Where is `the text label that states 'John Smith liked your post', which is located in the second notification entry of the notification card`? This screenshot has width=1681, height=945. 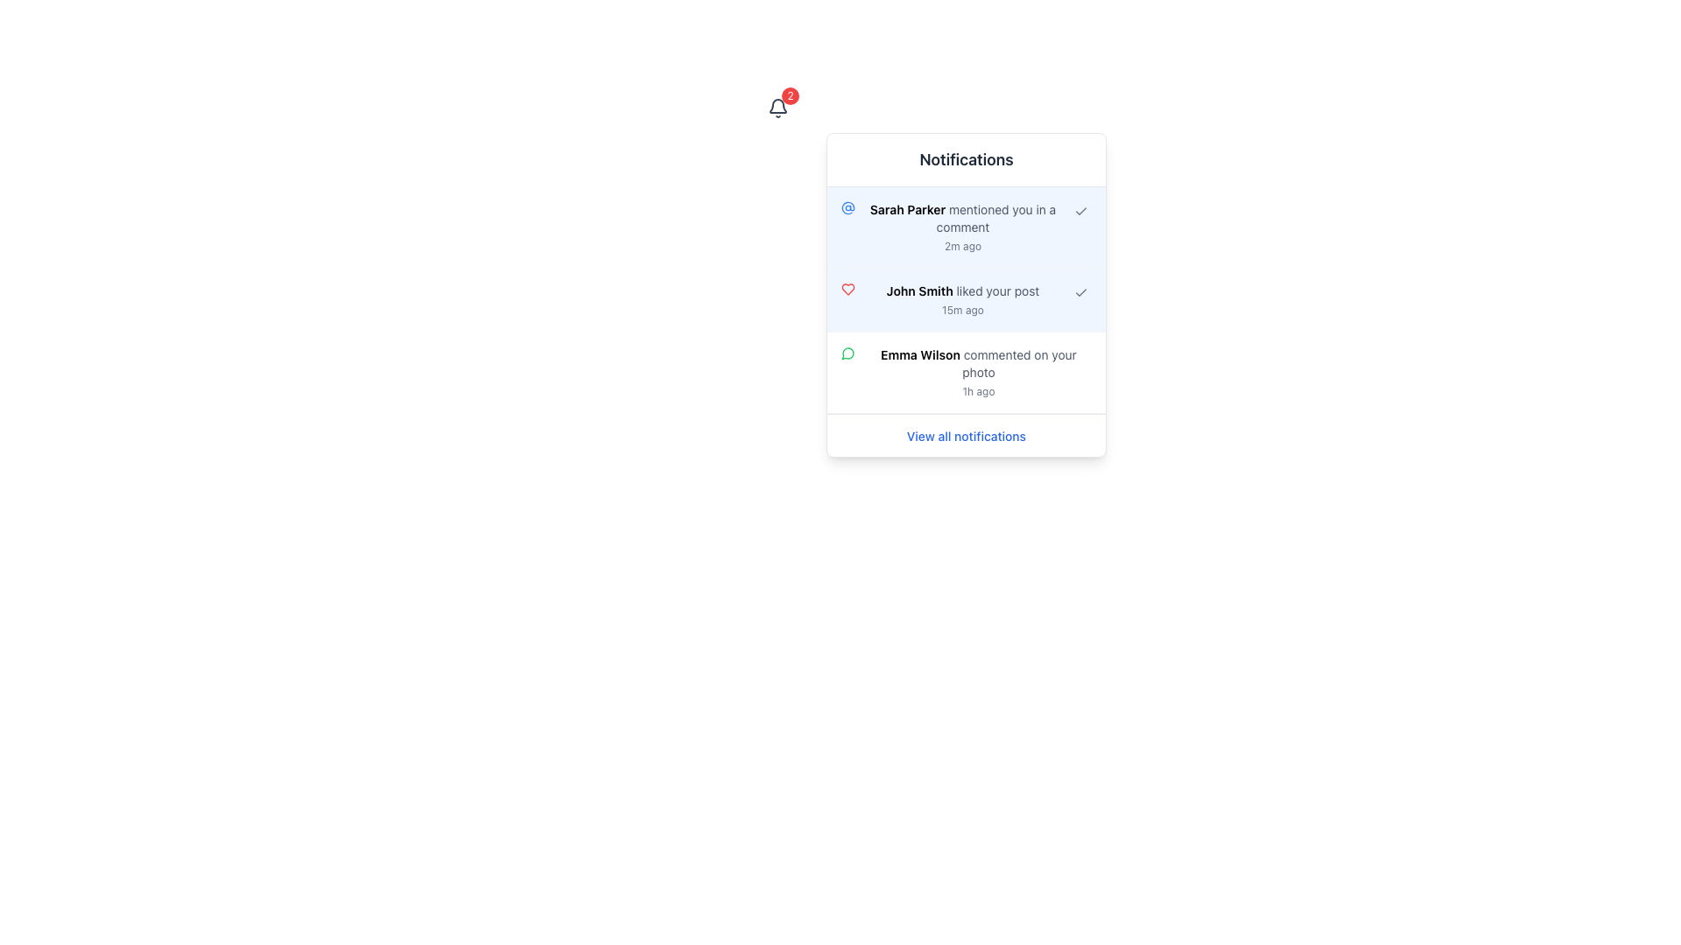
the text label that states 'John Smith liked your post', which is located in the second notification entry of the notification card is located at coordinates (961, 290).